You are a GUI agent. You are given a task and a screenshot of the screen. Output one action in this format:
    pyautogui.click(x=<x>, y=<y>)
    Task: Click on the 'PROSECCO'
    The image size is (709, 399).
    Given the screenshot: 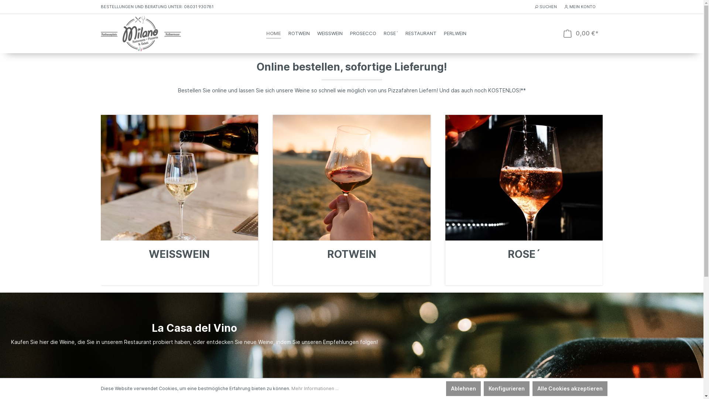 What is the action you would take?
    pyautogui.click(x=363, y=34)
    